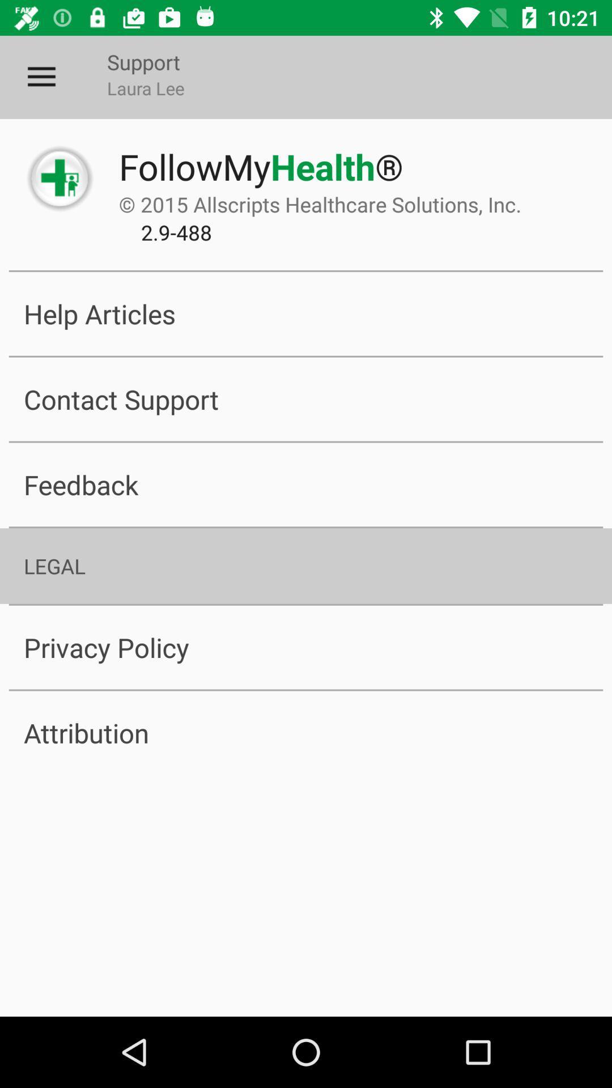 Image resolution: width=612 pixels, height=1088 pixels. I want to click on the legal icon, so click(306, 566).